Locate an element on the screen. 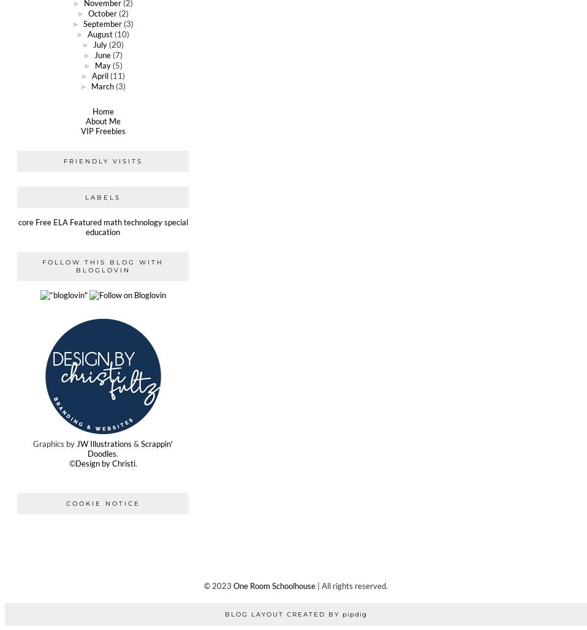 Image resolution: width=587 pixels, height=630 pixels. 'Blog Layout Created by' is located at coordinates (224, 613).